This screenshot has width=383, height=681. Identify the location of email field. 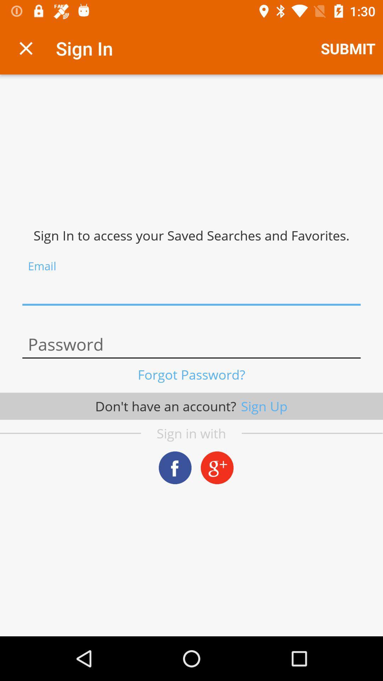
(191, 291).